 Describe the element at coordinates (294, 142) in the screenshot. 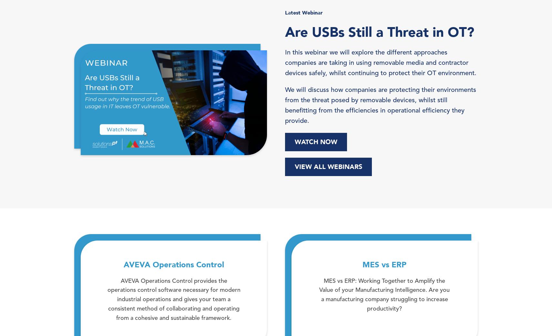

I see `'WATCH NOW'` at that location.